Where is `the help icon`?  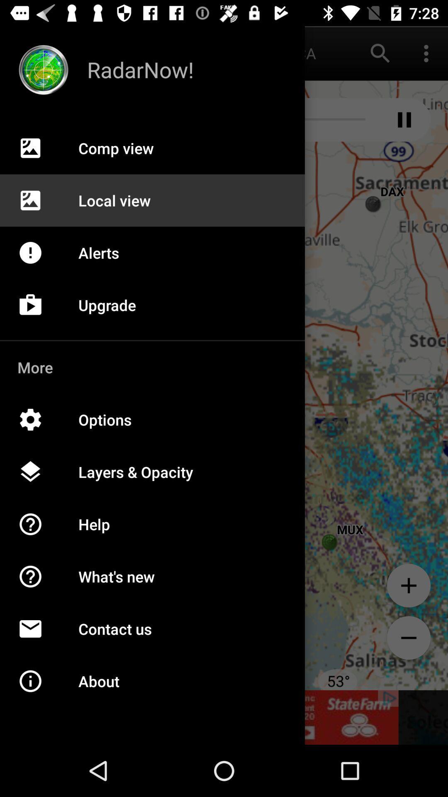 the help icon is located at coordinates (39, 585).